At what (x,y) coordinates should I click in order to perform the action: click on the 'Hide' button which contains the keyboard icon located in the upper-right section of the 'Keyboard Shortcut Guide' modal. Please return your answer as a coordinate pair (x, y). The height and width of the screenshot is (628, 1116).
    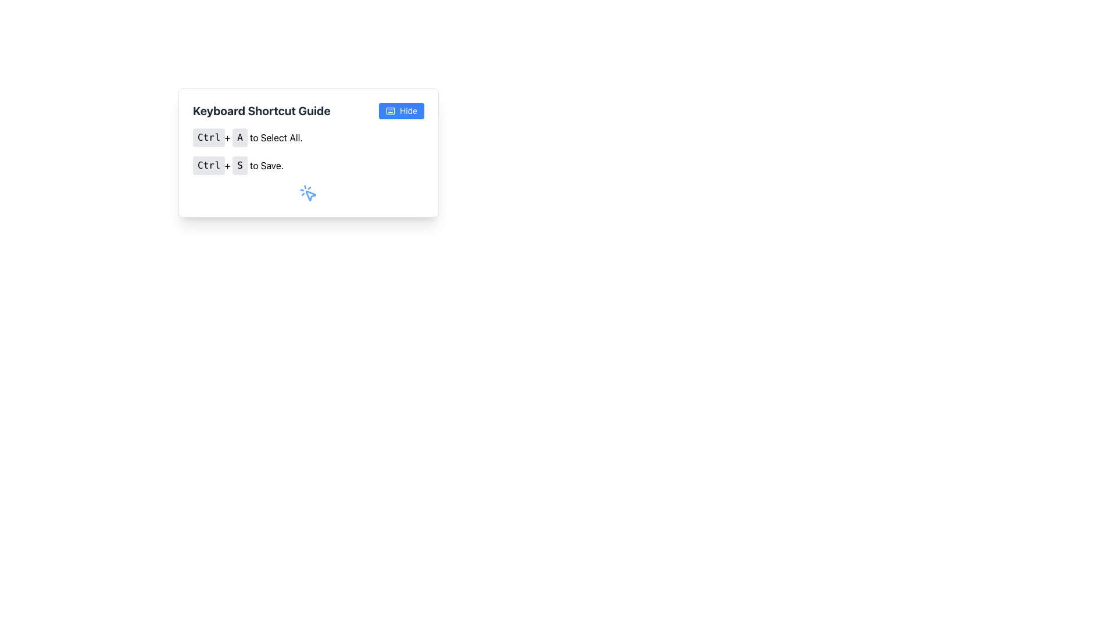
    Looking at the image, I should click on (391, 111).